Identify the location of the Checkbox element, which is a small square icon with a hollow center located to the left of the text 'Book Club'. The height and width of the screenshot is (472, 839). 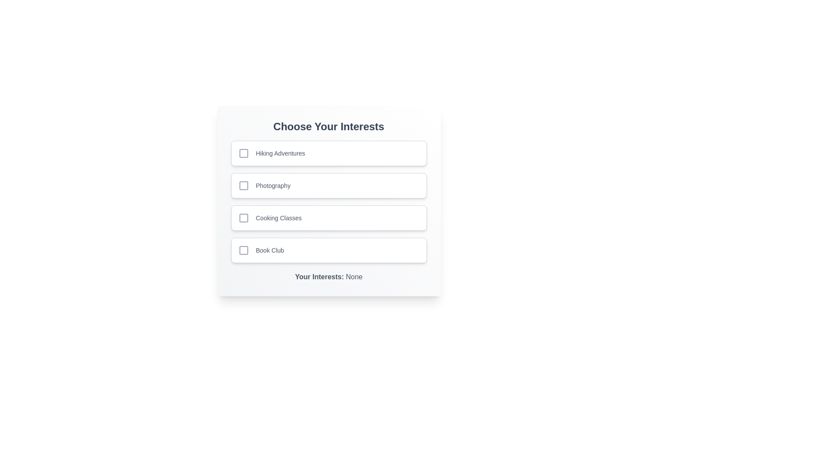
(243, 250).